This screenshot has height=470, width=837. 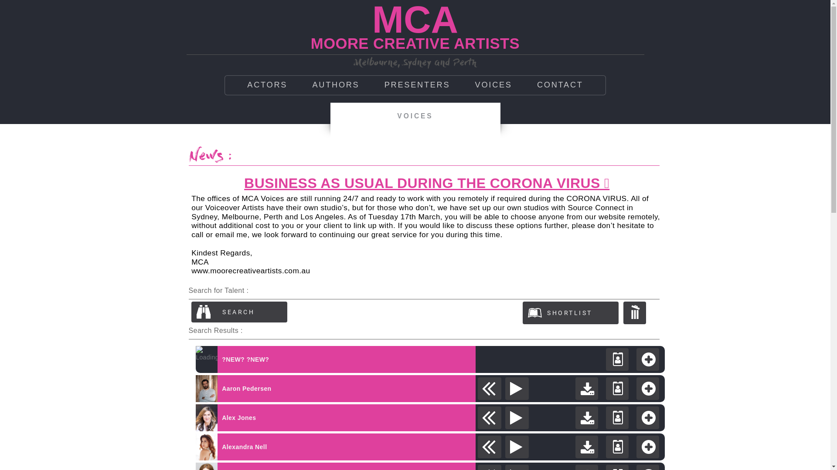 What do you see at coordinates (267, 85) in the screenshot?
I see `'ACTORS'` at bounding box center [267, 85].